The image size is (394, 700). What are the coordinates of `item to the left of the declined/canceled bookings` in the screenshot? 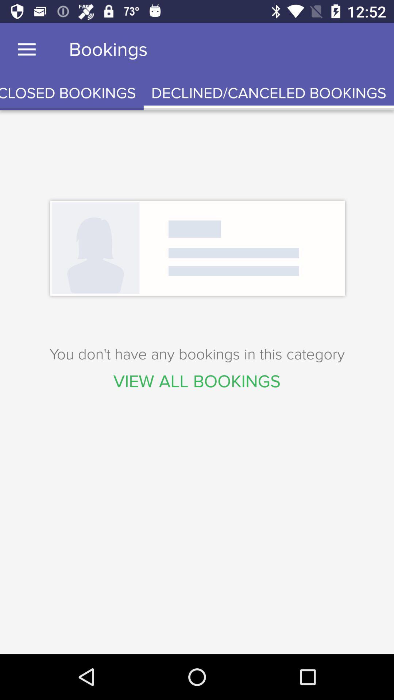 It's located at (72, 93).